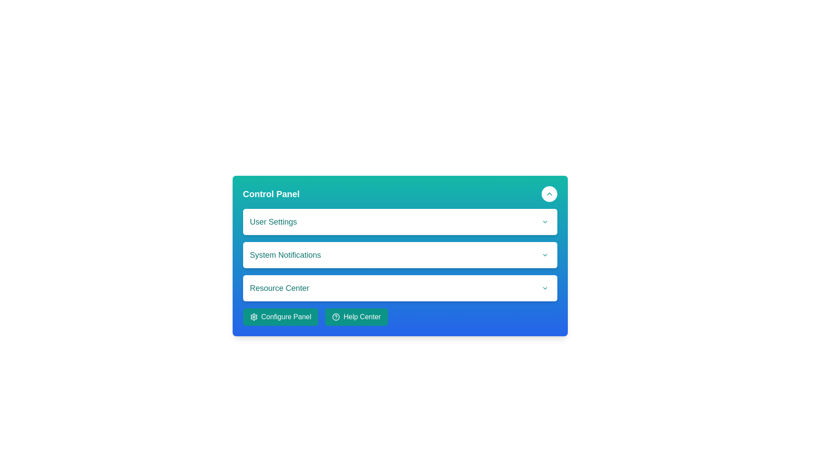 The height and width of the screenshot is (471, 838). What do you see at coordinates (544, 222) in the screenshot?
I see `the downward-pointing teal chevron icon on the right side of the 'User Settings' dropdown button in the 'Control Panel'` at bounding box center [544, 222].